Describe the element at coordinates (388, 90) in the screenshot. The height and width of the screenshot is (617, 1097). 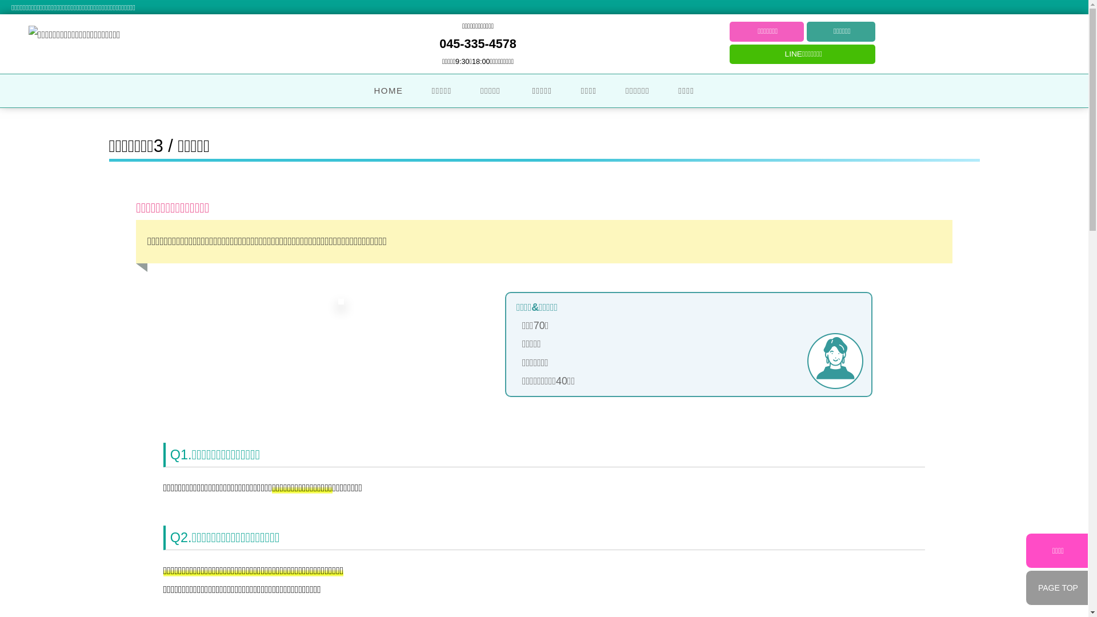
I see `'HOME'` at that location.